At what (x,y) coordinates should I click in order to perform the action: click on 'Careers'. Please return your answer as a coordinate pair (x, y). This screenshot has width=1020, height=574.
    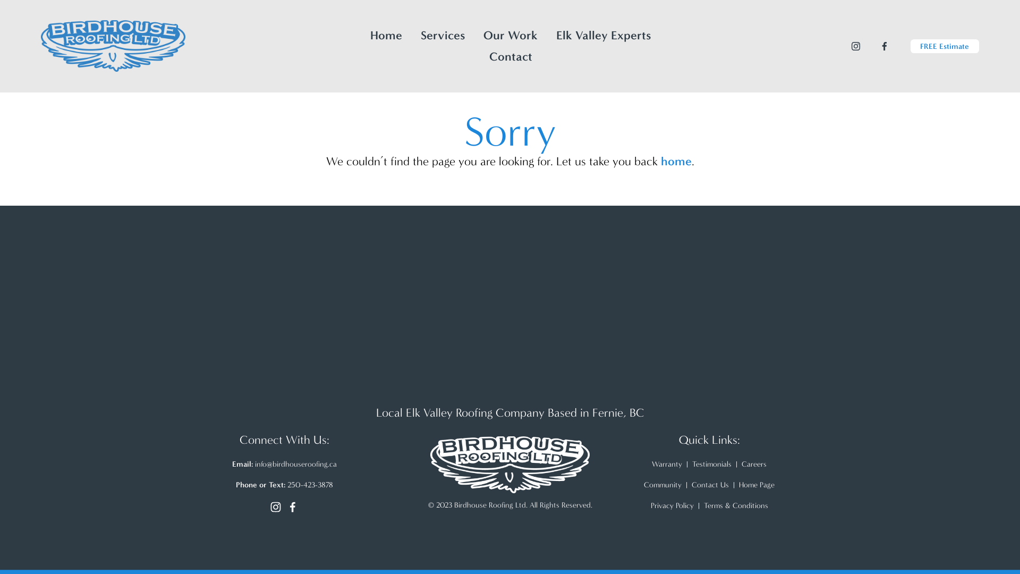
    Looking at the image, I should click on (753, 463).